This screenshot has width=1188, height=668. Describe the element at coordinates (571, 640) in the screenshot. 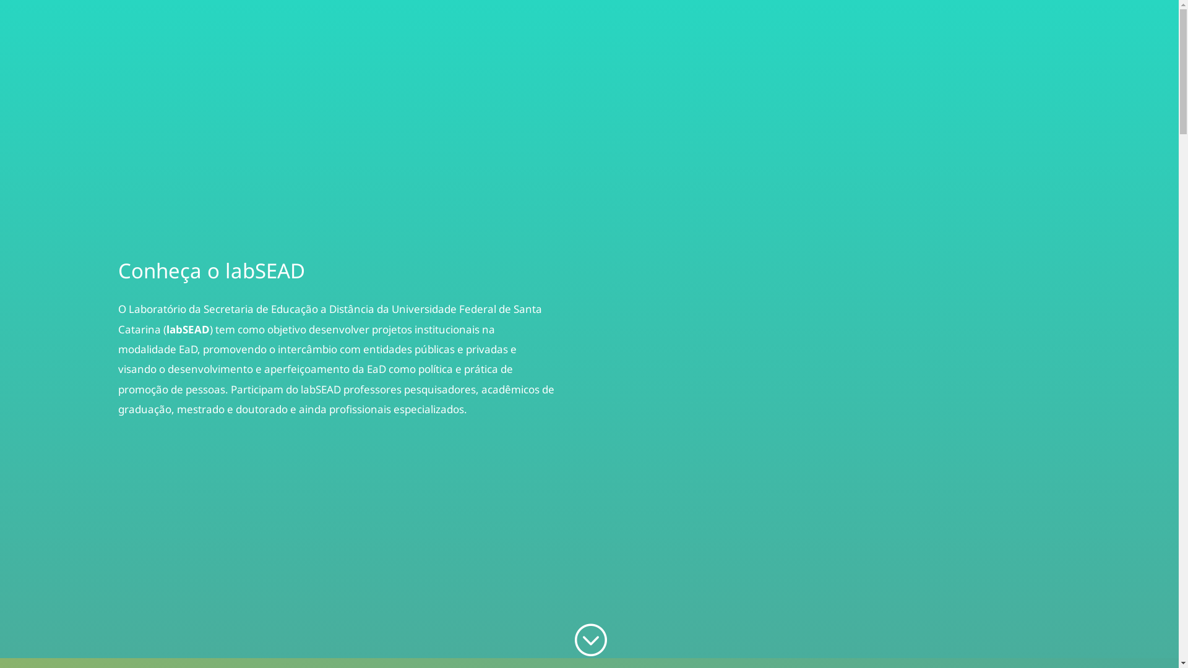

I see `';'` at that location.